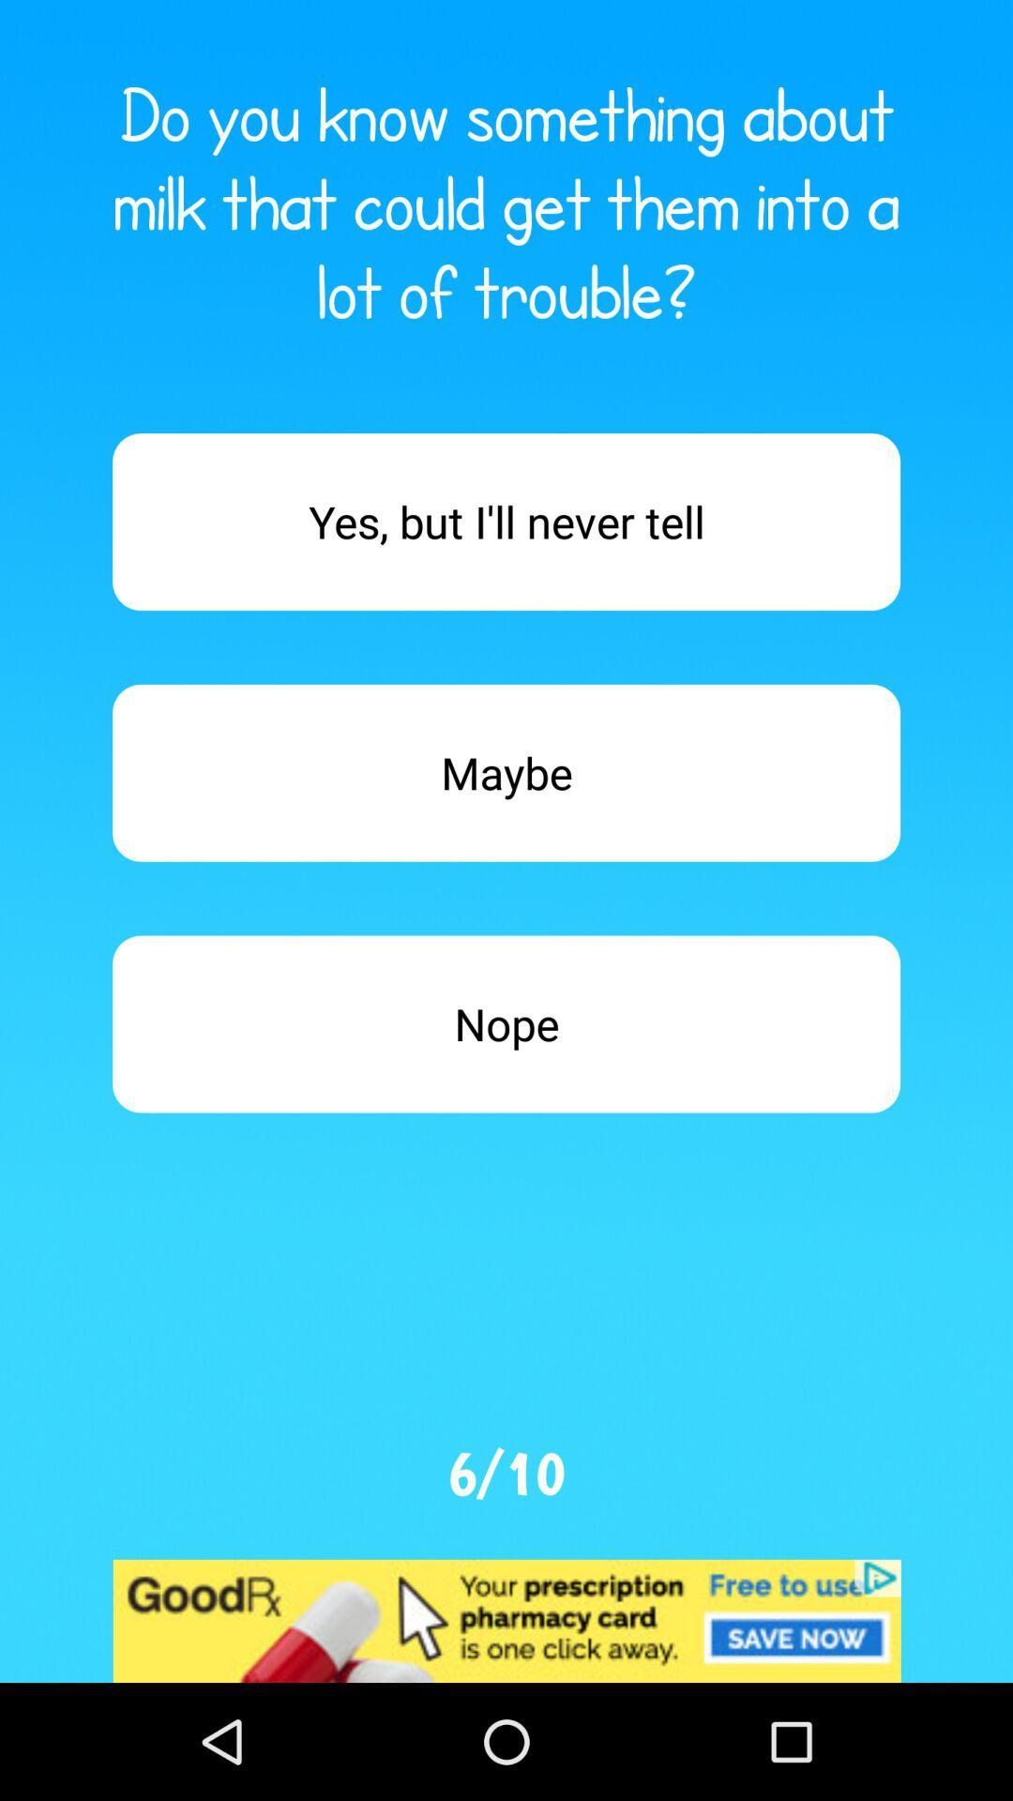  What do you see at coordinates (506, 1620) in the screenshot?
I see `advertisement` at bounding box center [506, 1620].